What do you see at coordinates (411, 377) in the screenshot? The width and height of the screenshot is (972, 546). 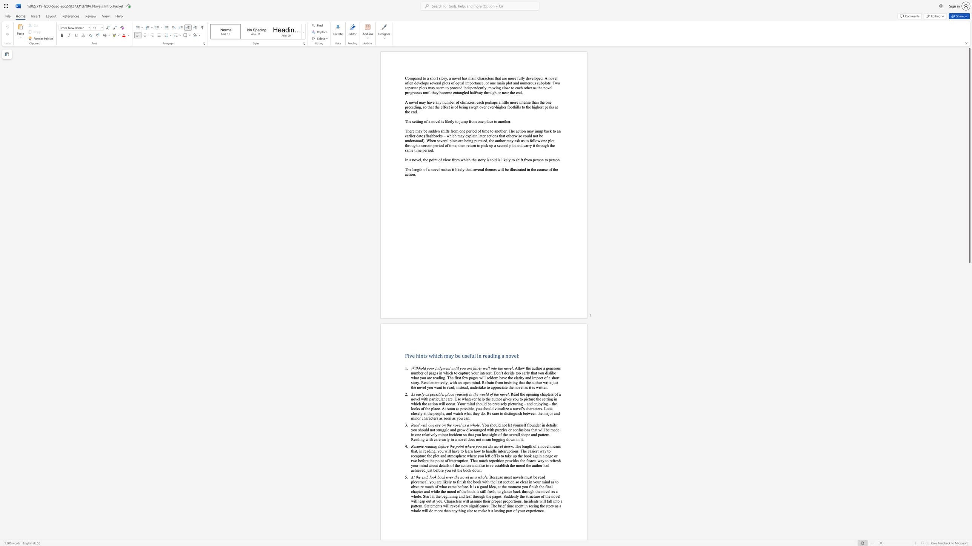 I see `the subset text "what you are reading. The first few pages will seldom have the clarity and impact of a short story. Read attentively, with an open mind. Refrain from insisting that the author write just the novel you want to read; instead, undertake to appreciate the no" within the text ". Allow the author a generous number of pages in which to capture your interest. Don’t decide too early that you dislike what you are reading. The first few pages will seldom have the clarity and impact of a short story. Read attentively, with an open mind. Refrain from insisting that the author write just the novel you want to read; instead, undertake to appreciate the novel as it is written."` at bounding box center [411, 377].